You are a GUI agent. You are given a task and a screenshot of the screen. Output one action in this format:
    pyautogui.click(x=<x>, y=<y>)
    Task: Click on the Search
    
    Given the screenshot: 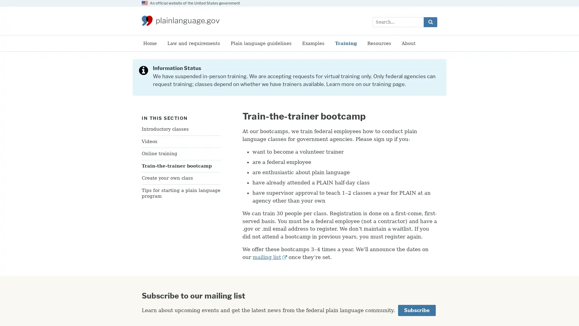 What is the action you would take?
    pyautogui.click(x=430, y=21)
    